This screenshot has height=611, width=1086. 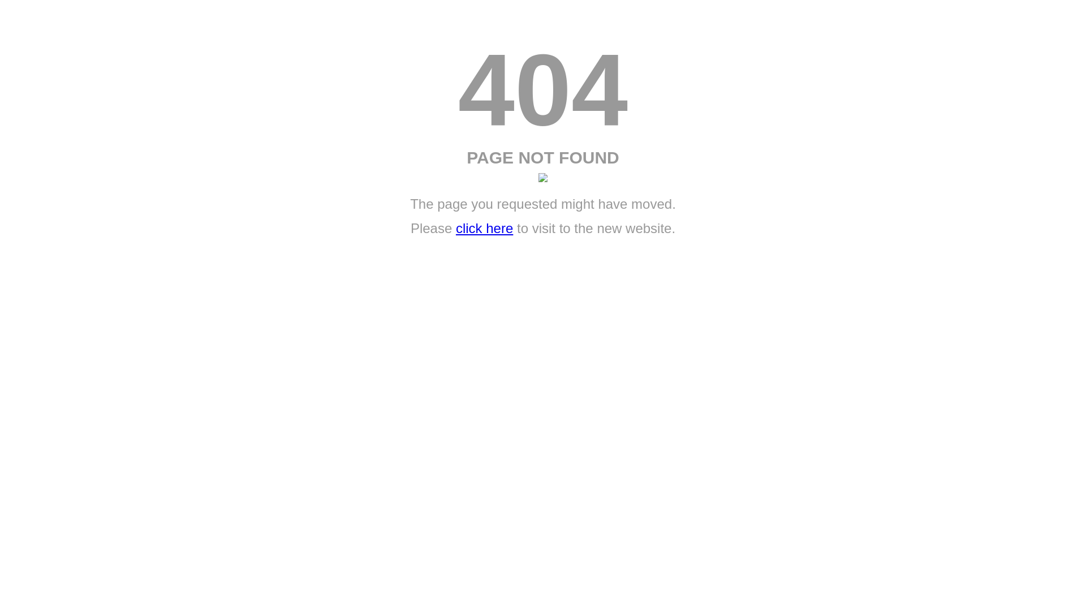 What do you see at coordinates (456, 228) in the screenshot?
I see `'click here'` at bounding box center [456, 228].